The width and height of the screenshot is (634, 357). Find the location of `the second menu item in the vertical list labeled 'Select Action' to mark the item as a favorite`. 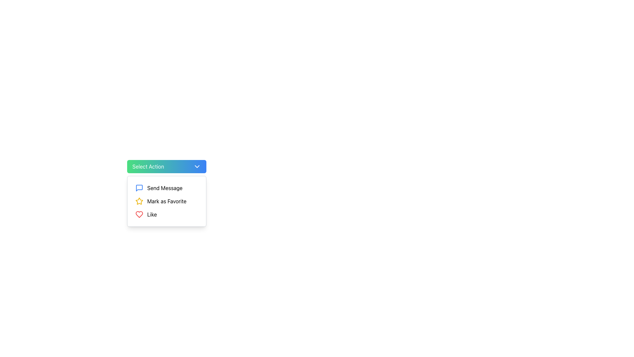

the second menu item in the vertical list labeled 'Select Action' to mark the item as a favorite is located at coordinates (166, 201).